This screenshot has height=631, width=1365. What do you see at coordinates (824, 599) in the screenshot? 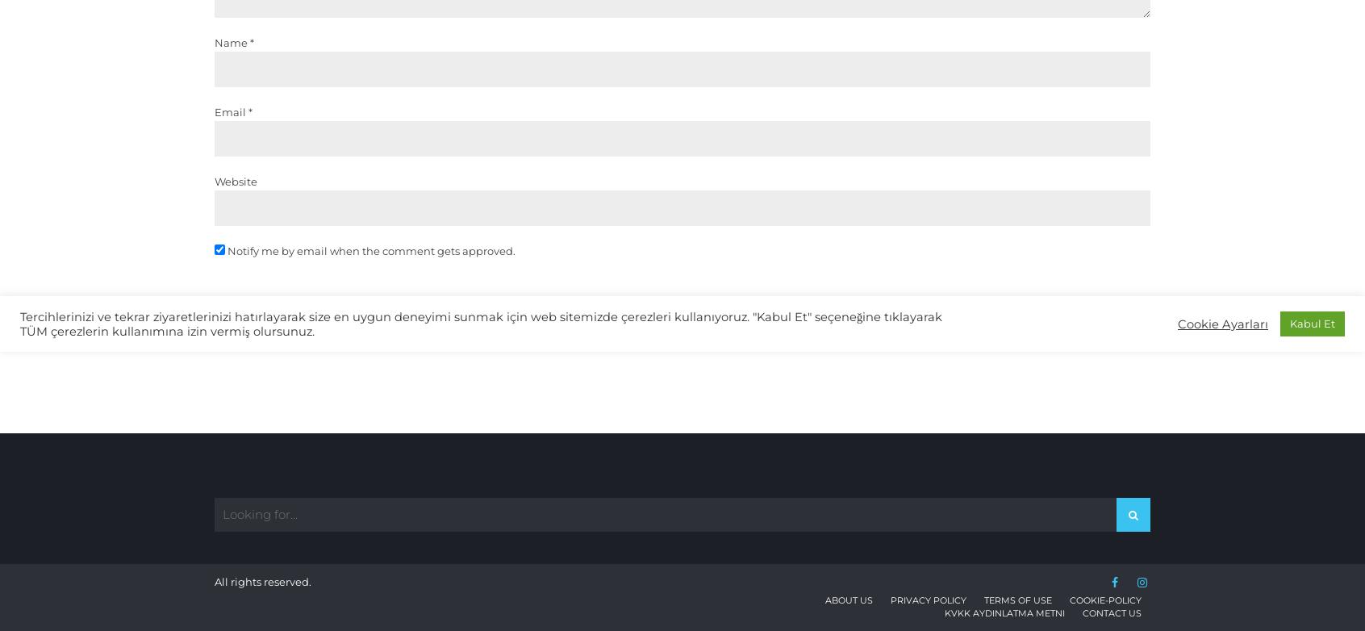
I see `'About Us'` at bounding box center [824, 599].